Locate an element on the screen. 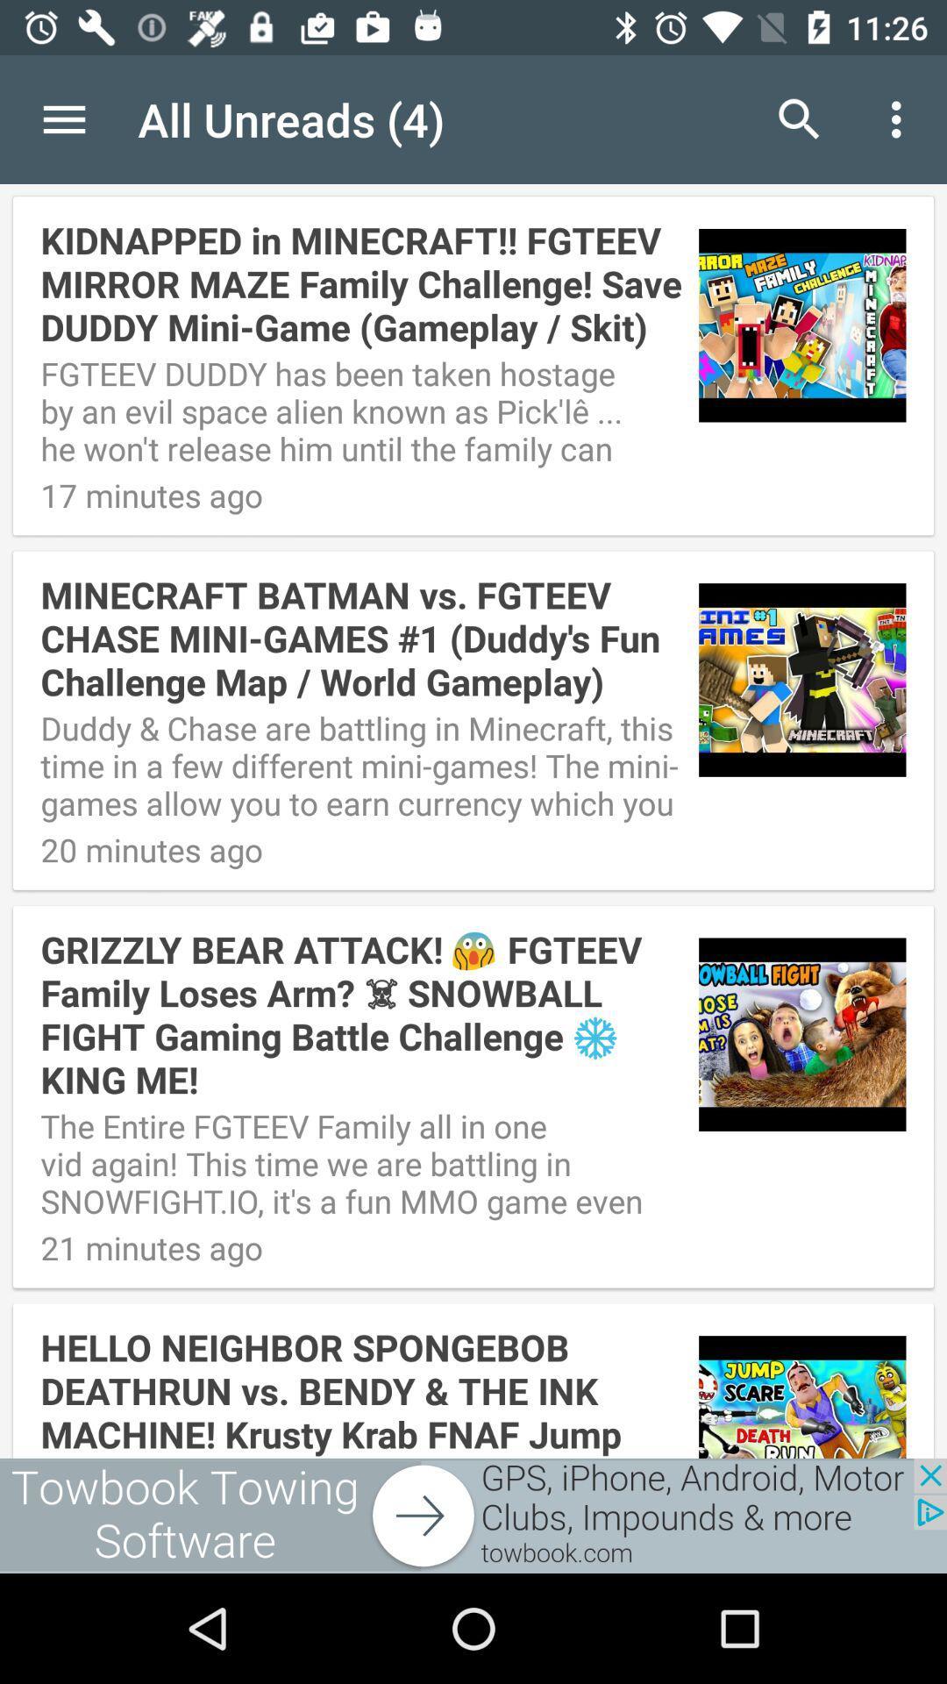  last icon at top right corner is located at coordinates (901, 119).